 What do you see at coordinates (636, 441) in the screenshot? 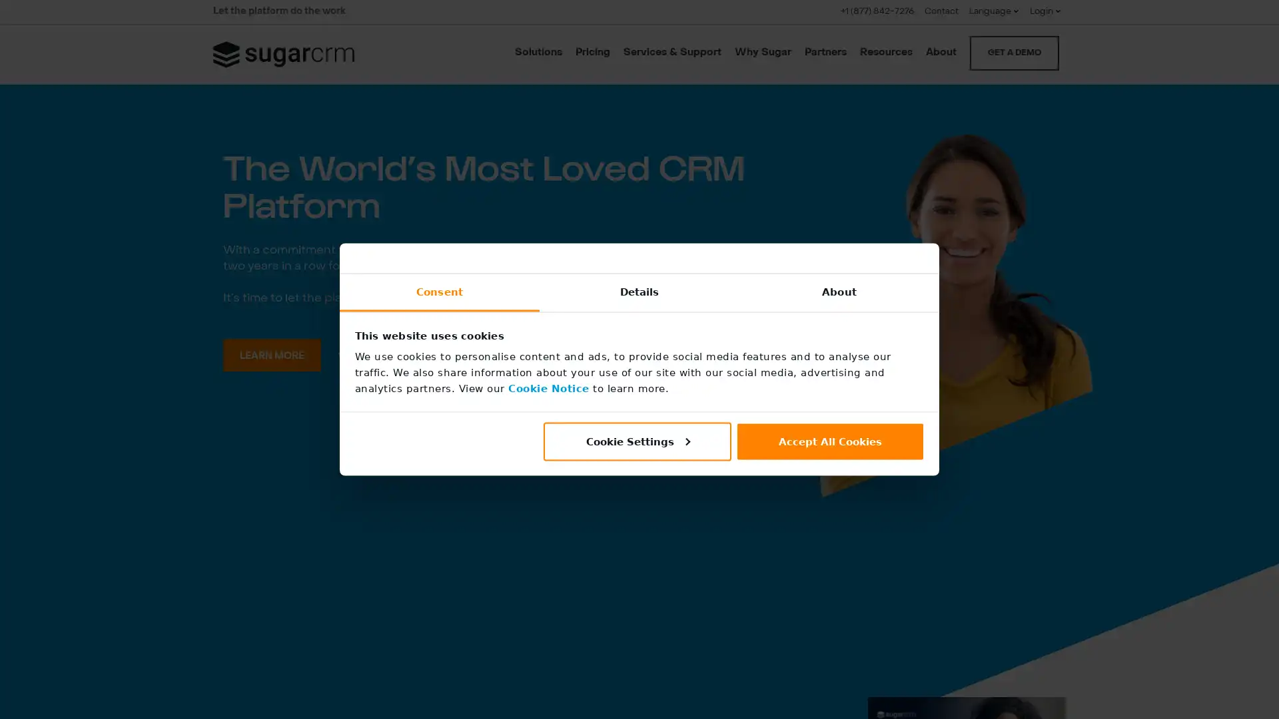
I see `Cookie Settings` at bounding box center [636, 441].